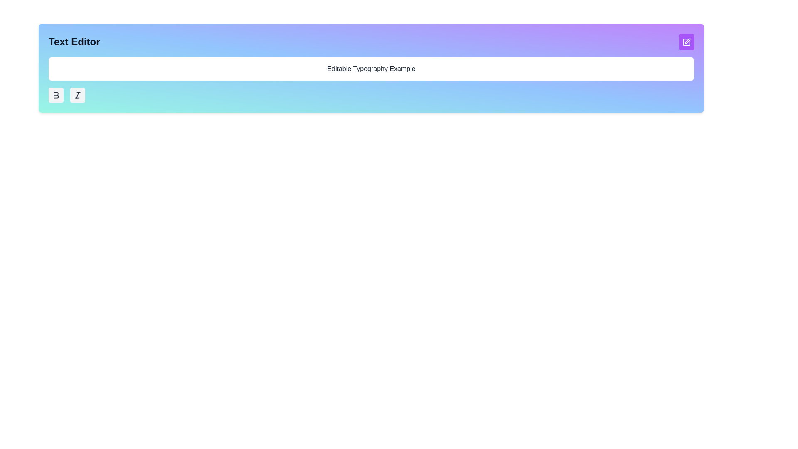 The image size is (798, 449). What do you see at coordinates (371, 68) in the screenshot?
I see `the editable text field labeled 'Editable Typography Example', which is a horizontally extended white rectangle with rounded corners, to interact with it` at bounding box center [371, 68].